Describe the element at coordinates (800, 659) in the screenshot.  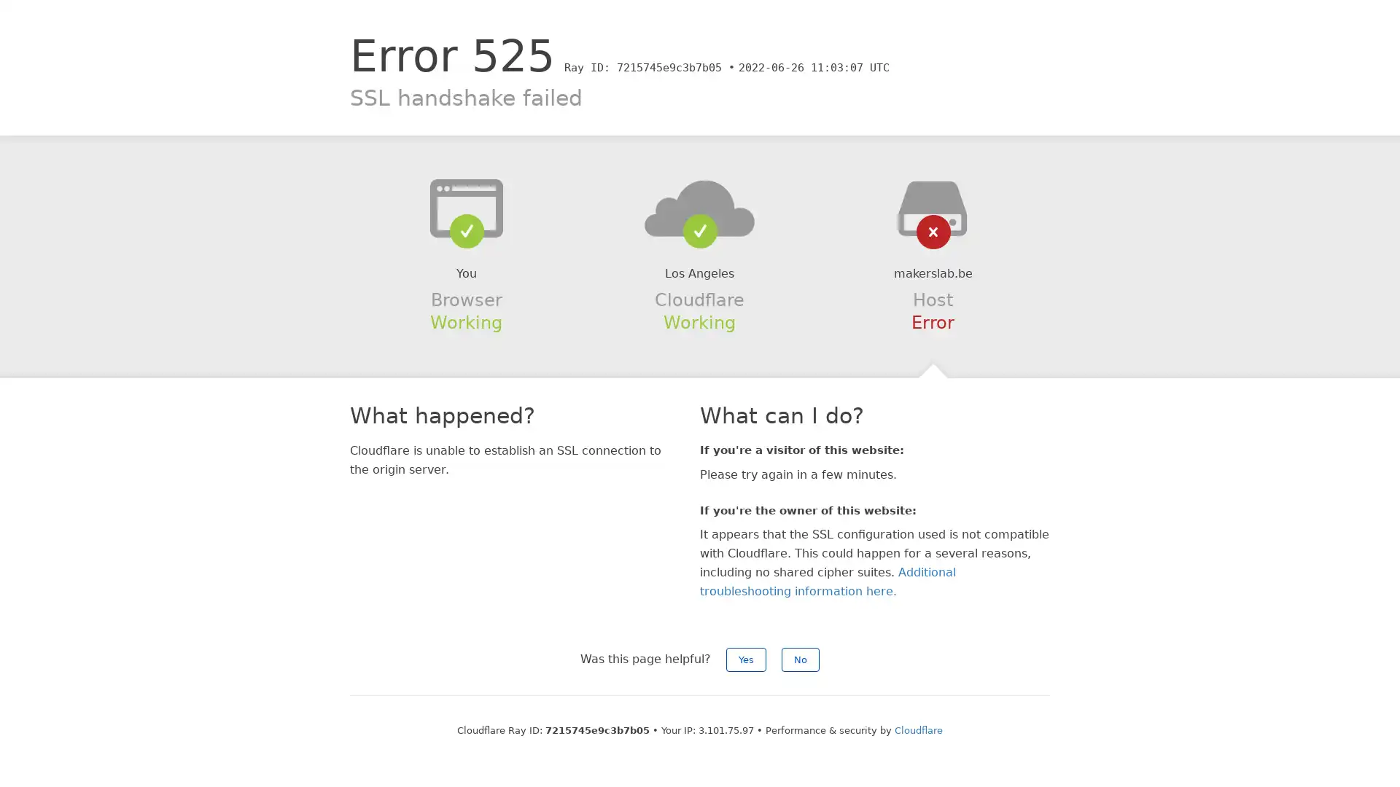
I see `No` at that location.